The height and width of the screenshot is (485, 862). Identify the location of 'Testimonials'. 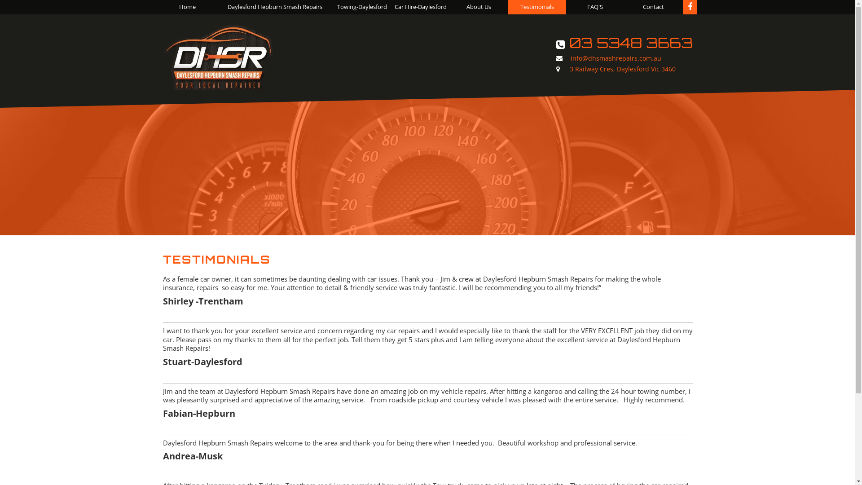
(537, 7).